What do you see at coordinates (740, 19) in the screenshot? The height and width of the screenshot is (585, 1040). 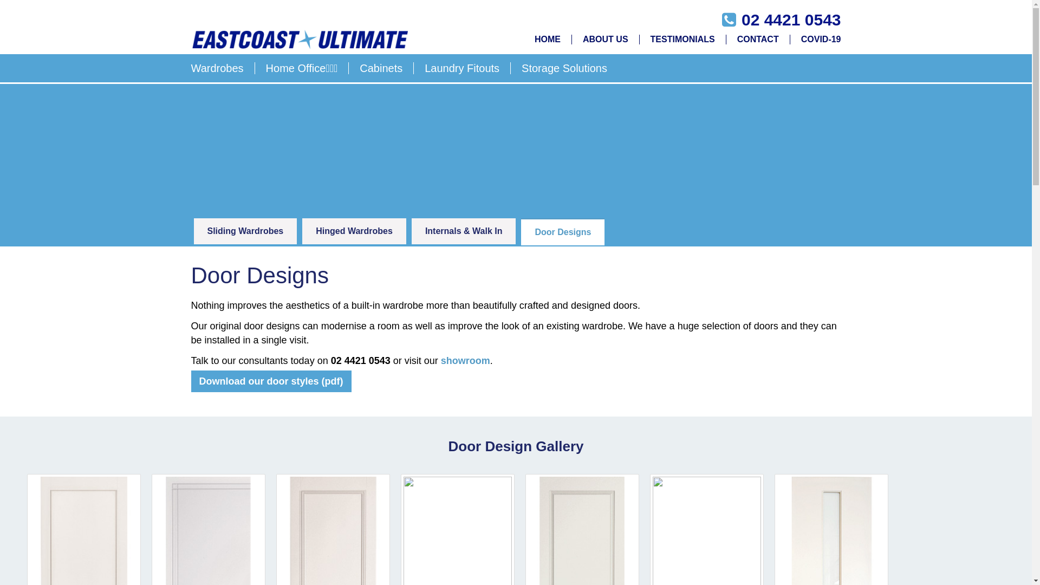 I see `'02 4421 0543'` at bounding box center [740, 19].